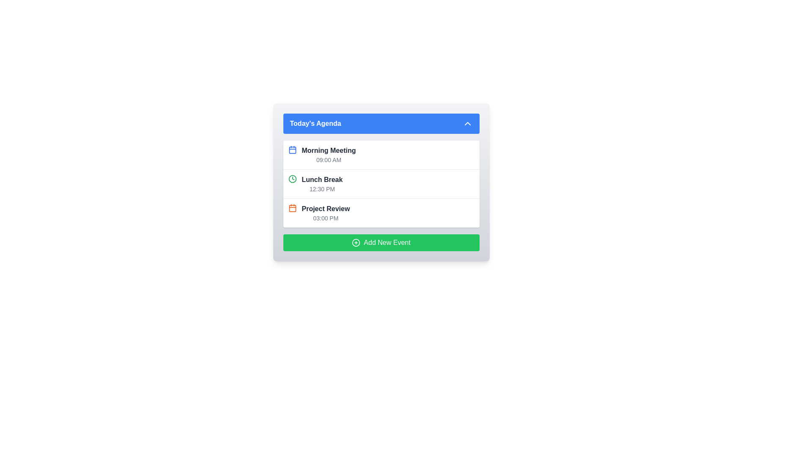 The image size is (812, 456). What do you see at coordinates (292, 179) in the screenshot?
I see `the circular graphical element representing the clock symbol for the 'Lunch Break' entry in the agenda` at bounding box center [292, 179].